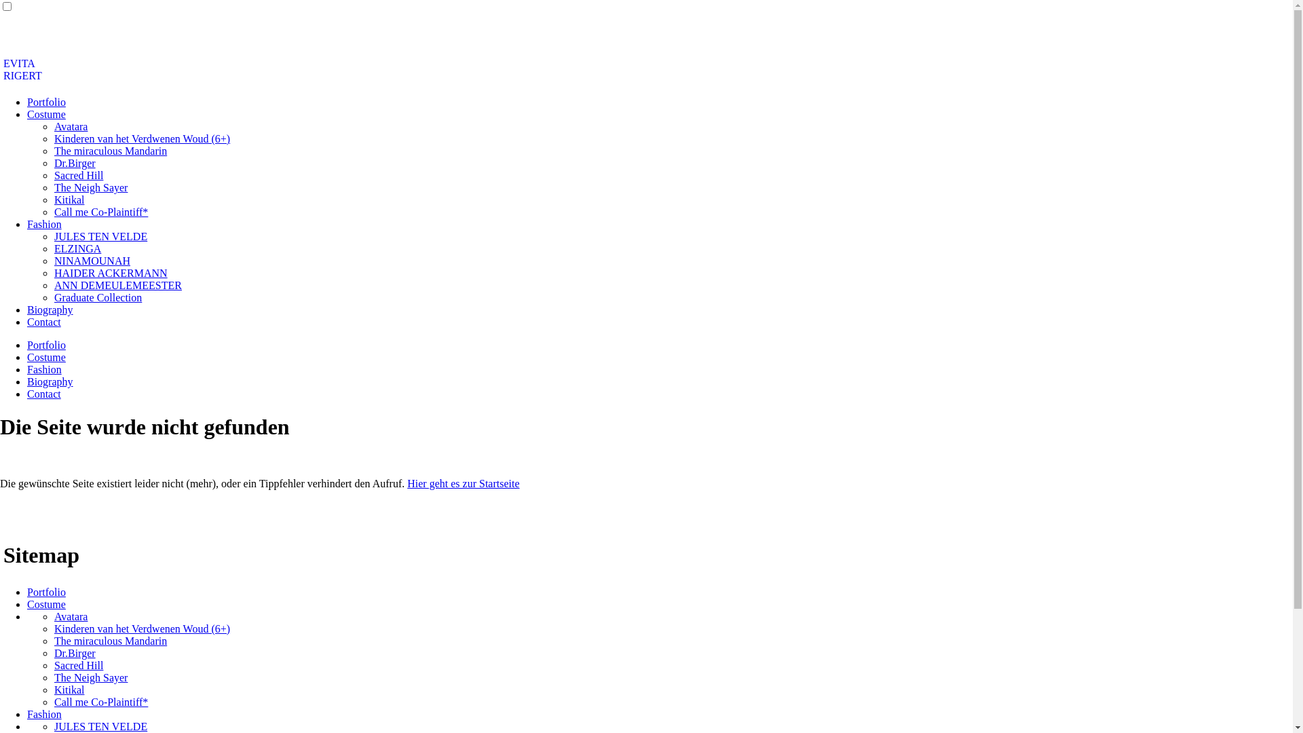 This screenshot has width=1303, height=733. What do you see at coordinates (90, 677) in the screenshot?
I see `'The Neigh Sayer'` at bounding box center [90, 677].